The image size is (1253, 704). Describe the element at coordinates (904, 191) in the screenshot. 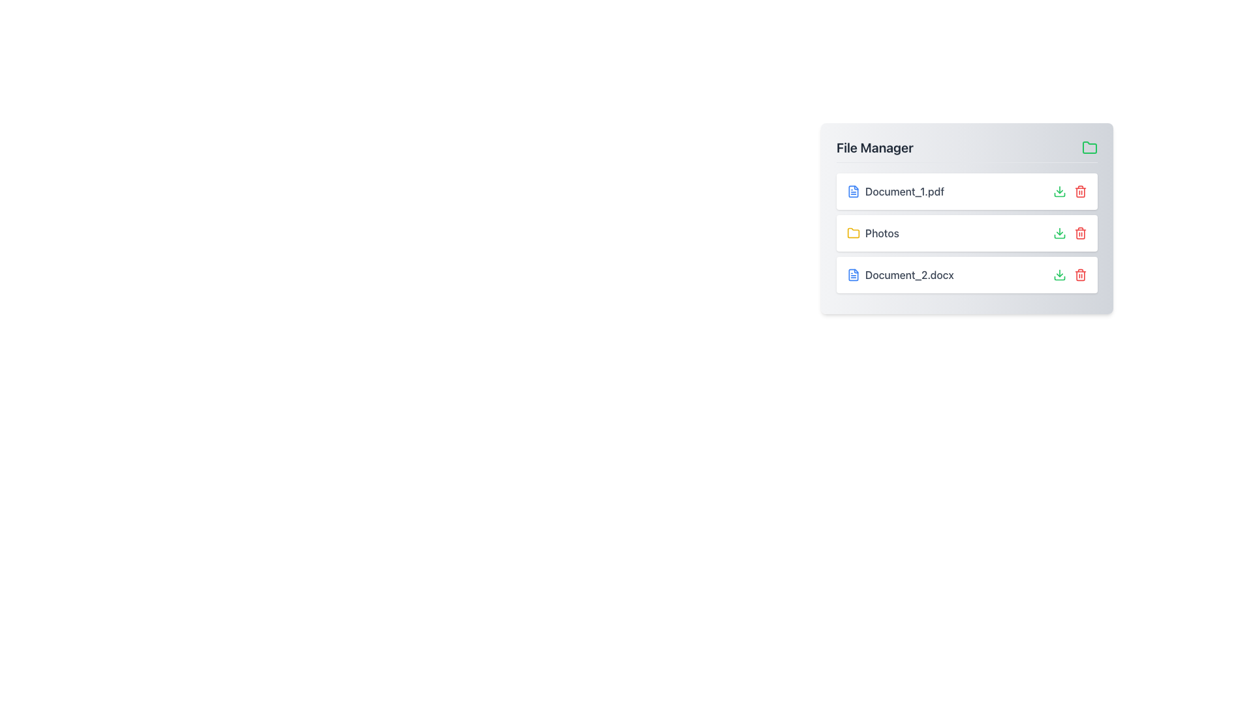

I see `the text label displaying 'Document_1.pdf' in the file manager interface, which is the first item in the list and is located to the right of a blue document icon` at that location.